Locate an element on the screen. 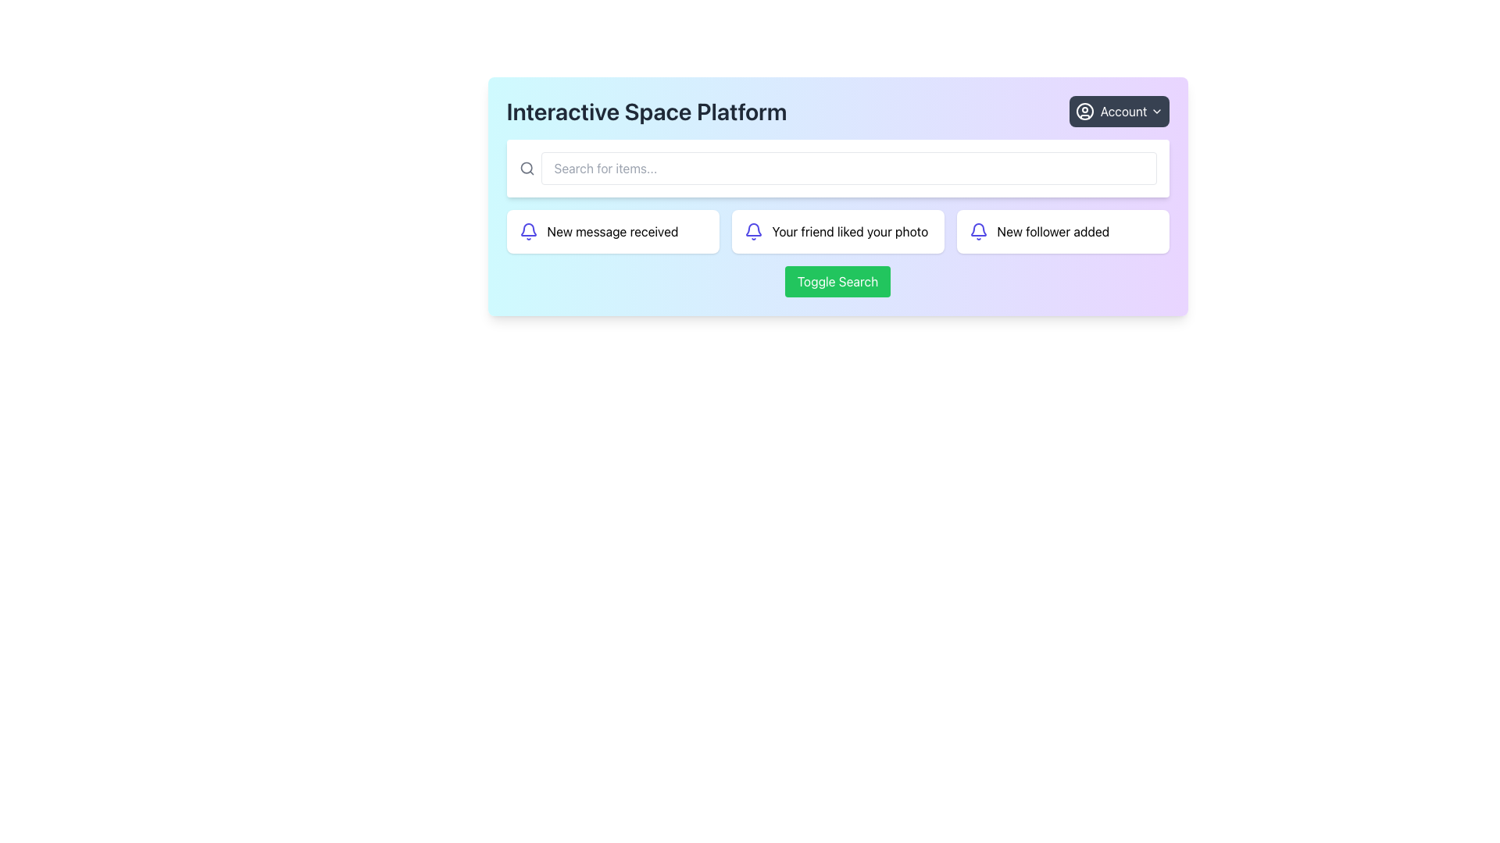  the circular part of the magnifying glass icon, which is used as a search symbol, located to the left of the search input field is located at coordinates (526, 168).